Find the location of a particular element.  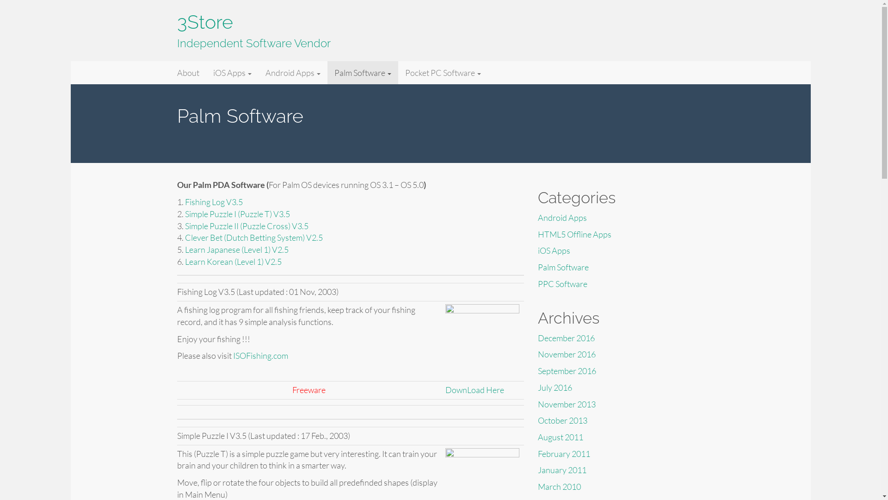

'Palm Software' is located at coordinates (362, 72).